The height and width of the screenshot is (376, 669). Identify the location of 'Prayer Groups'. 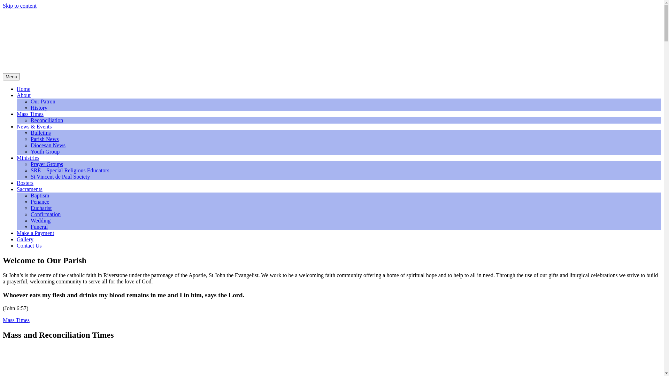
(46, 164).